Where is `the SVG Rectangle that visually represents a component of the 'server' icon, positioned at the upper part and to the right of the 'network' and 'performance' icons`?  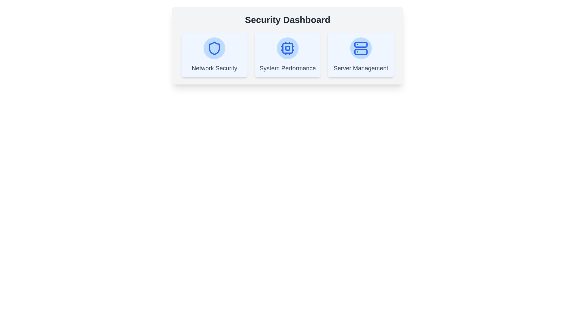
the SVG Rectangle that visually represents a component of the 'server' icon, positioned at the upper part and to the right of the 'network' and 'performance' icons is located at coordinates (361, 44).